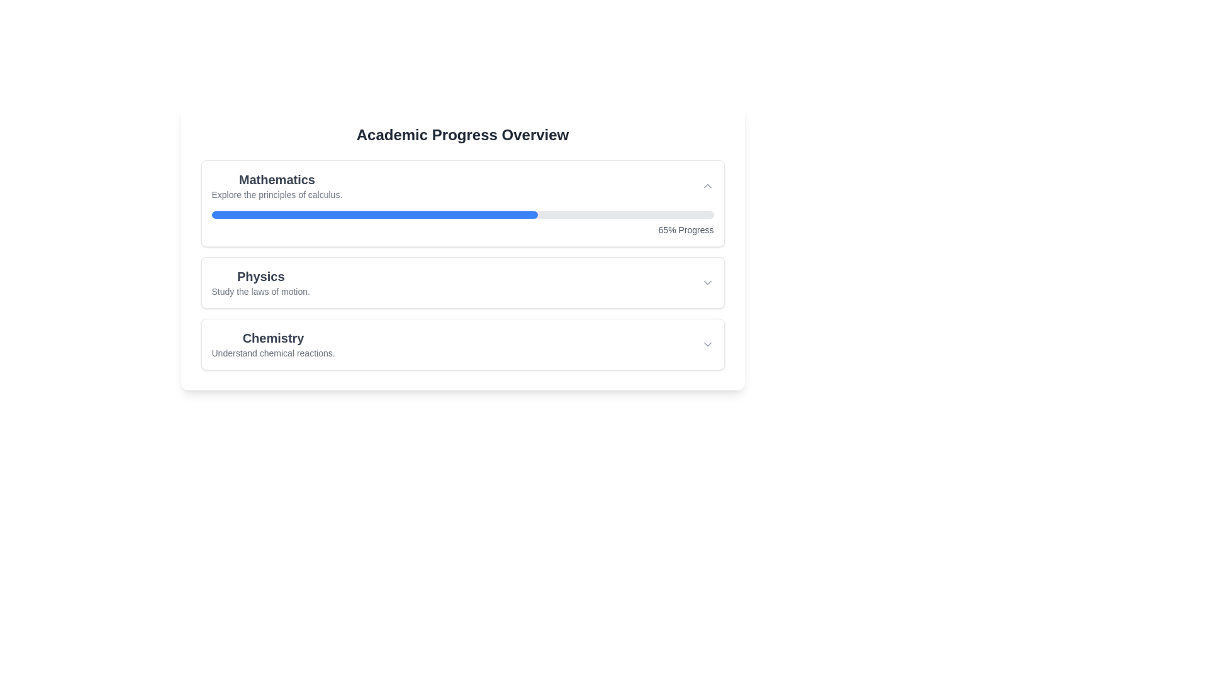  I want to click on the static text displaying 'Understand chemical reactions.' which is positioned below the bold 'Chemistry' heading in the structured list, so click(272, 353).